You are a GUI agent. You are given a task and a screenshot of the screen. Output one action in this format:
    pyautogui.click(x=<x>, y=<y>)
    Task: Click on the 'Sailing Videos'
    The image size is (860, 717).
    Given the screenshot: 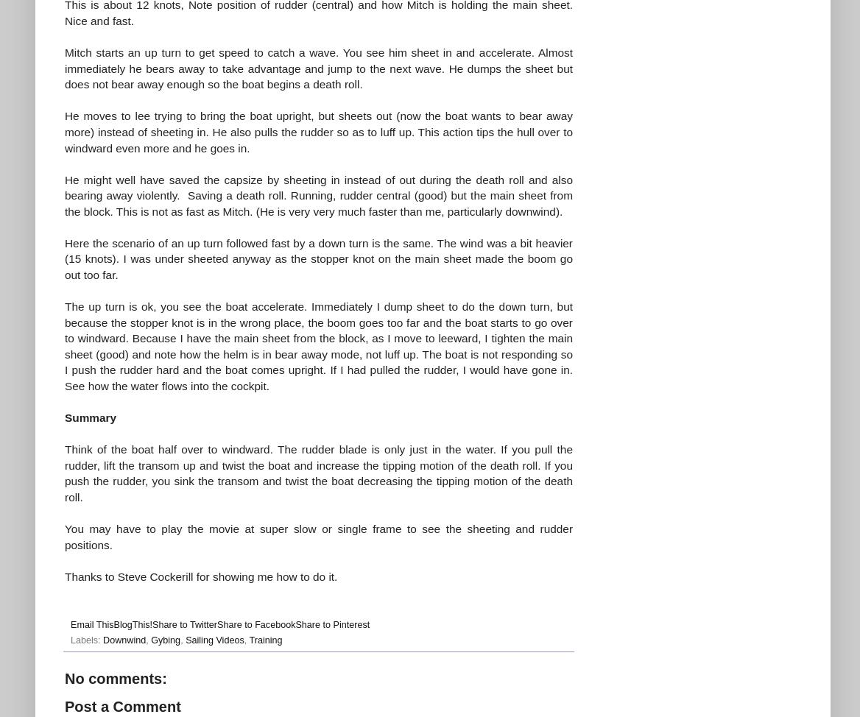 What is the action you would take?
    pyautogui.click(x=214, y=640)
    